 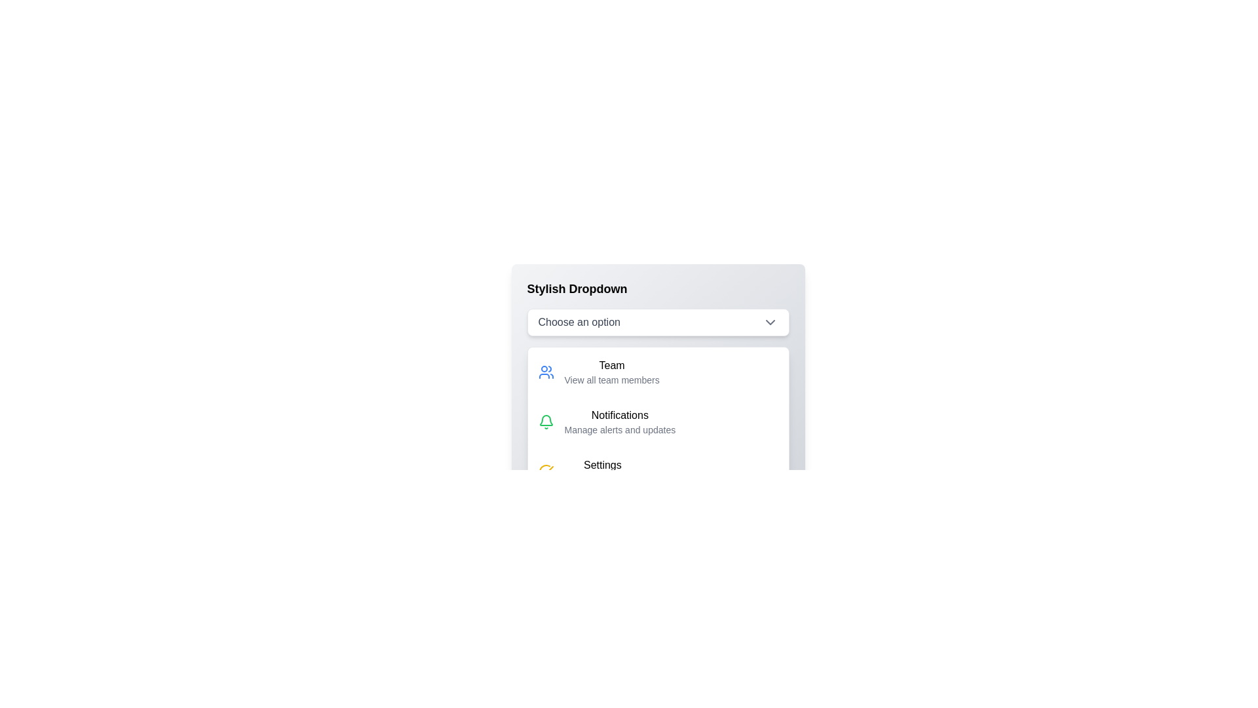 I want to click on the dropdown menu labeled 'Choose an option', so click(x=658, y=323).